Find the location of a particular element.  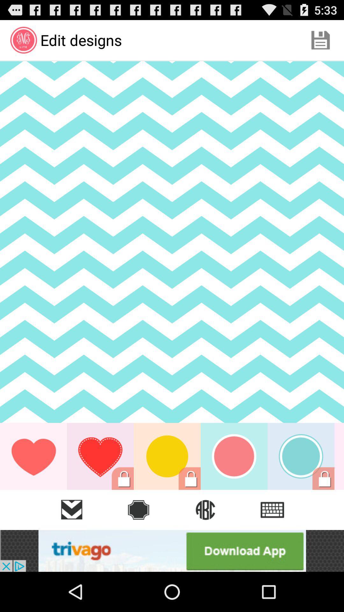

the symbol beside heart shape with dots is located at coordinates (167, 456).